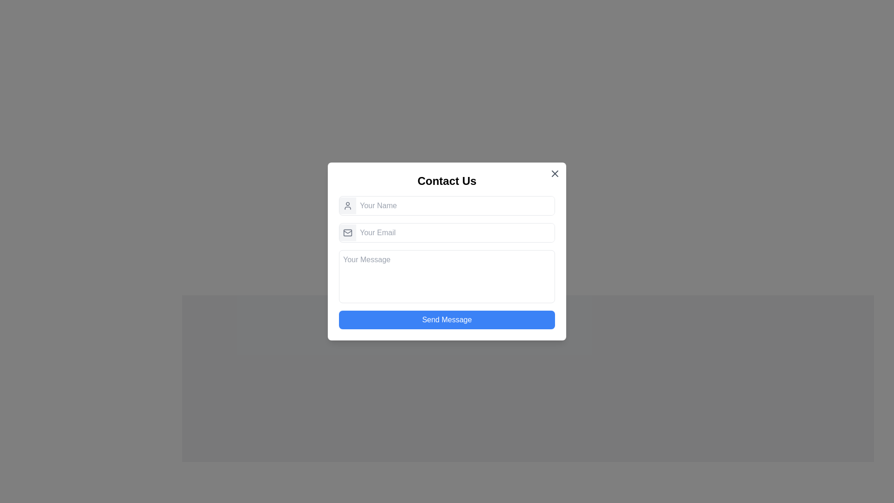 The image size is (894, 503). I want to click on the SVG graphics element resembling an email envelope icon, located to the left of the email input field in the 'Contact Us' modal dialog, so click(347, 232).